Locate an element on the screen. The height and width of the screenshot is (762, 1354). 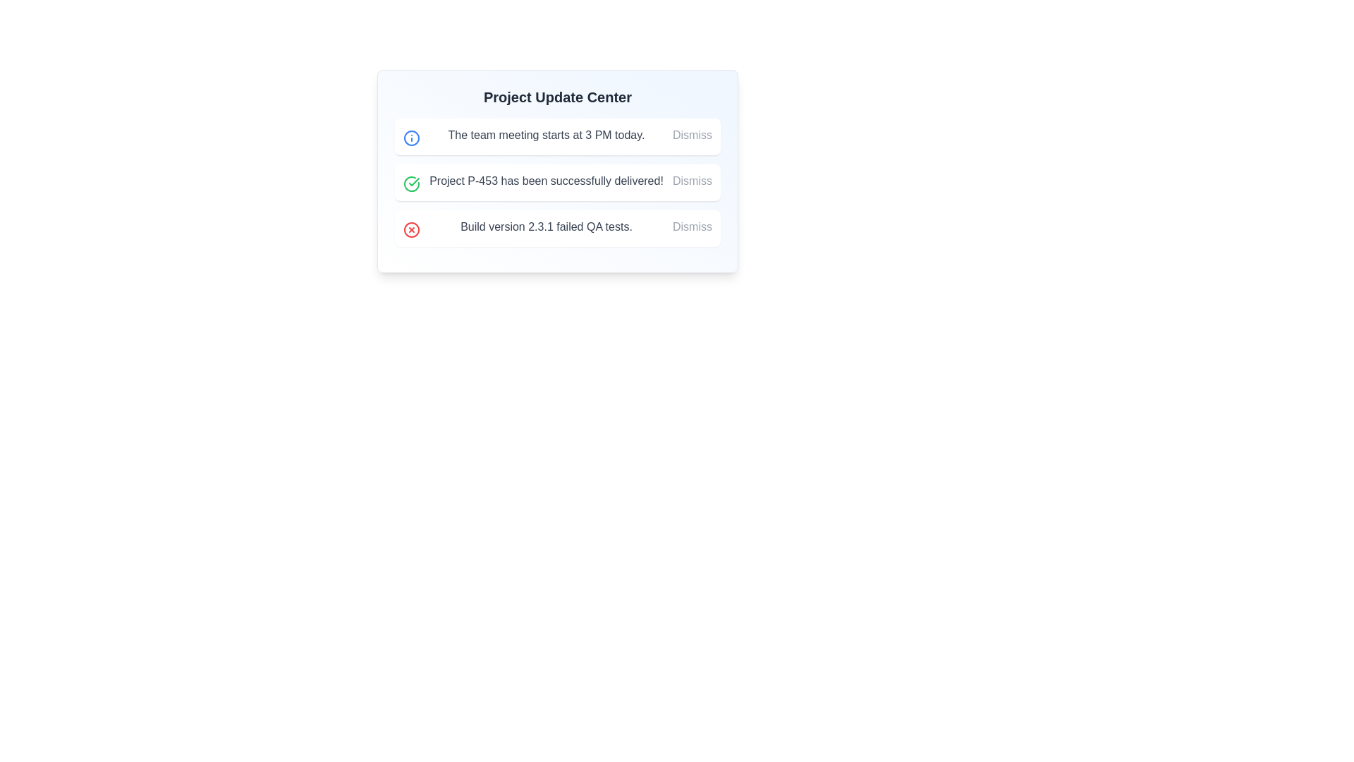
the dismiss button-like clickable text associated with the notification 'Build version 2.3.1 failed QA tests.' is located at coordinates (693, 226).